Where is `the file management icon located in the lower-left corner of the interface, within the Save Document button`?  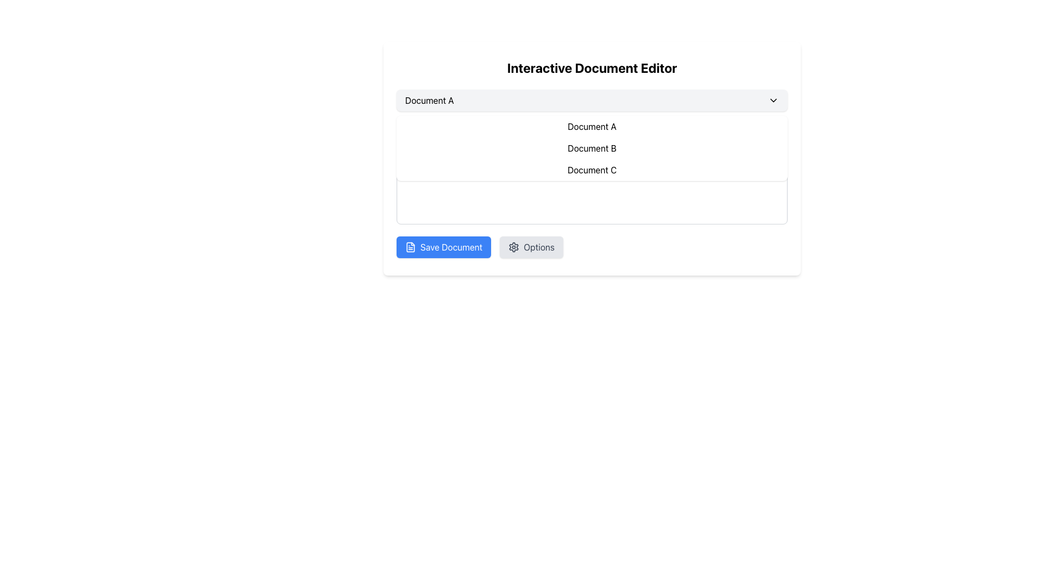
the file management icon located in the lower-left corner of the interface, within the Save Document button is located at coordinates (410, 247).